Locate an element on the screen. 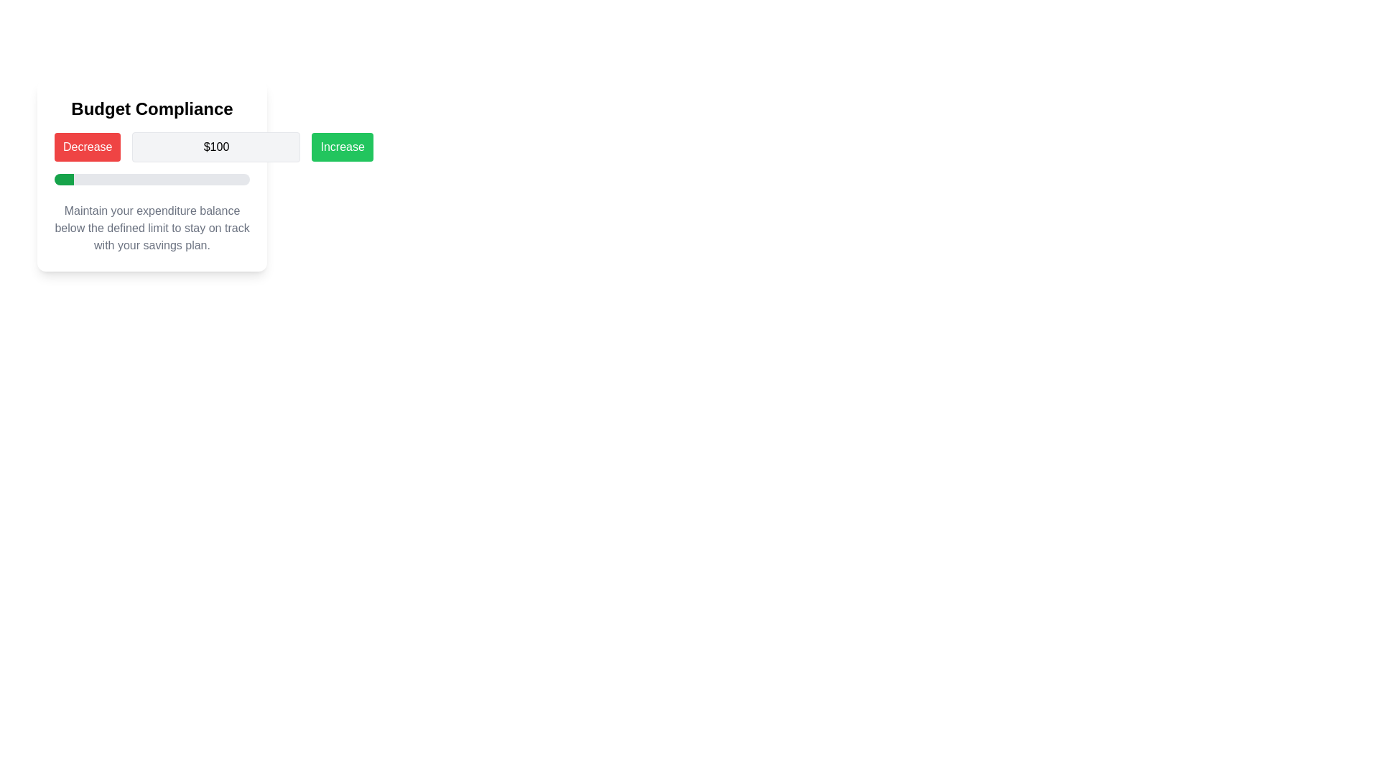 This screenshot has width=1379, height=776. the button that decreases a numeric value, located in the top portion of the 'Budget Compliance' panel, adjacent to a text input displaying '$100' is located at coordinates (87, 147).